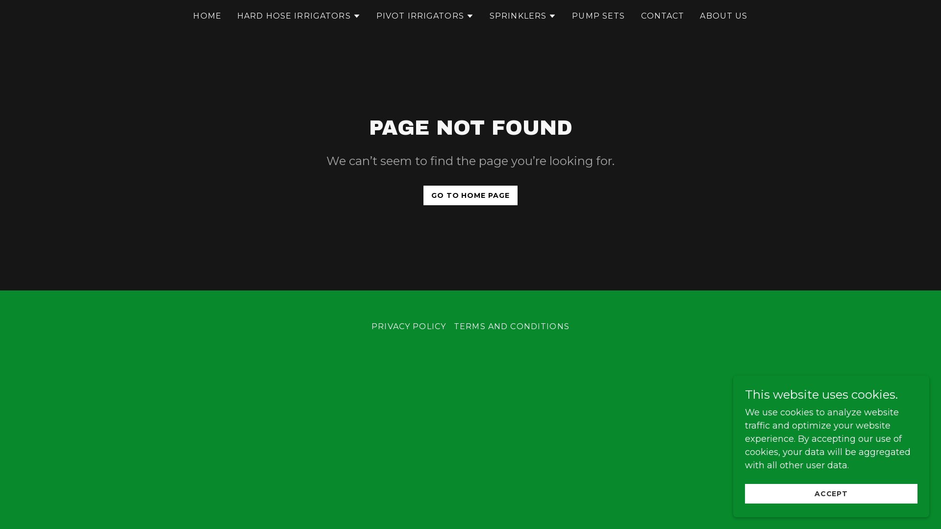  I want to click on 'SPRINKLERS', so click(522, 16).